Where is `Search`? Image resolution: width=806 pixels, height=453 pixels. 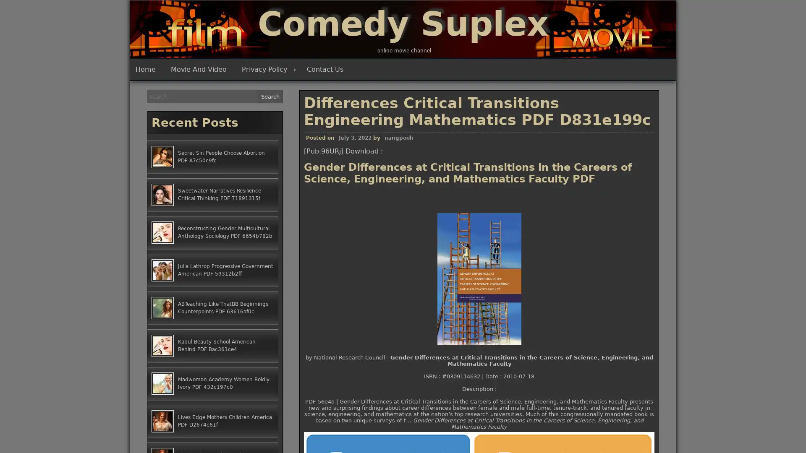 Search is located at coordinates (270, 96).